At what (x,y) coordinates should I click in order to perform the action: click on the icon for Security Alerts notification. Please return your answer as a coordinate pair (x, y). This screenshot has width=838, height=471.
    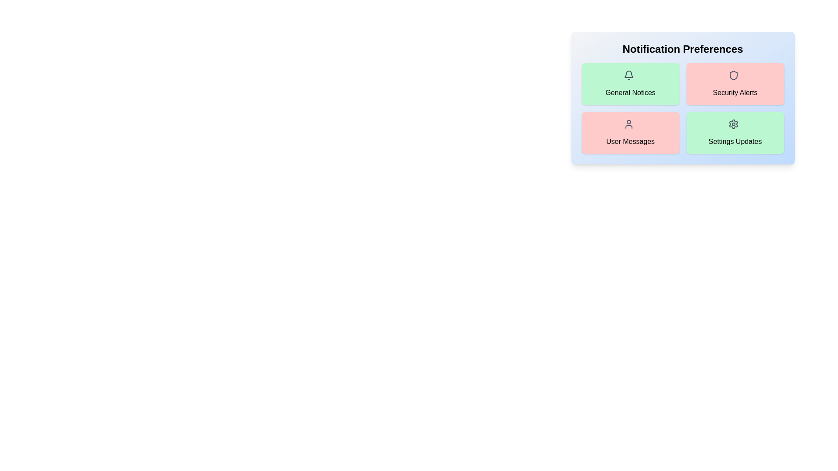
    Looking at the image, I should click on (735, 77).